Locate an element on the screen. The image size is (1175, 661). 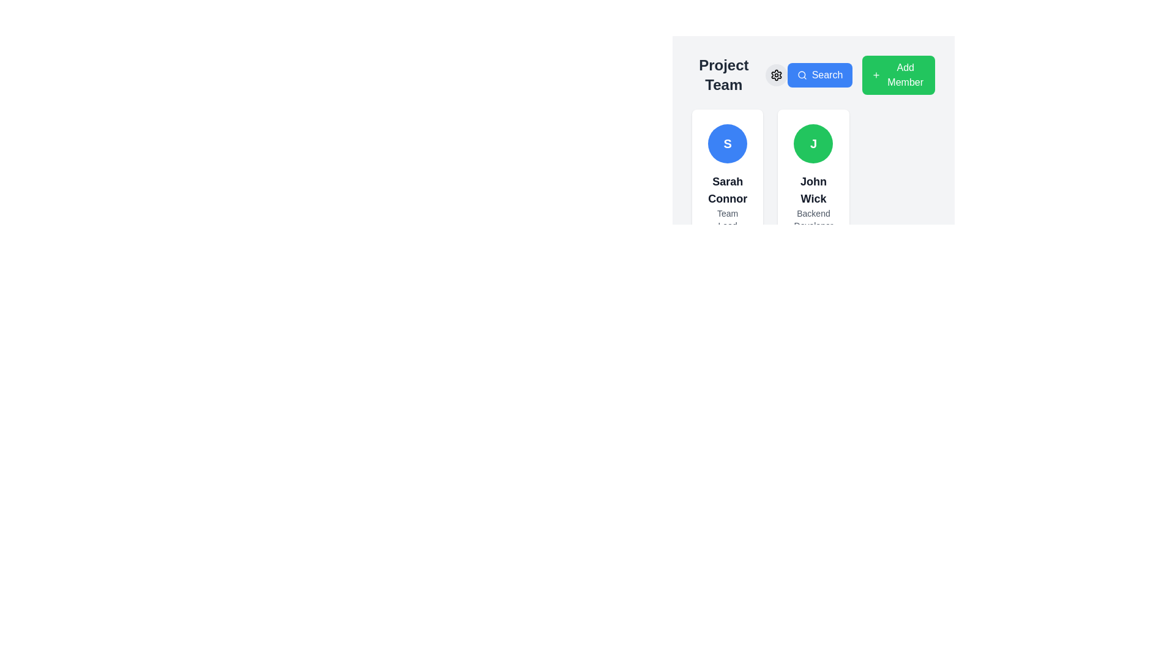
the 'Add Member' text label within the green button located at the top-right area of the interface is located at coordinates (905, 75).